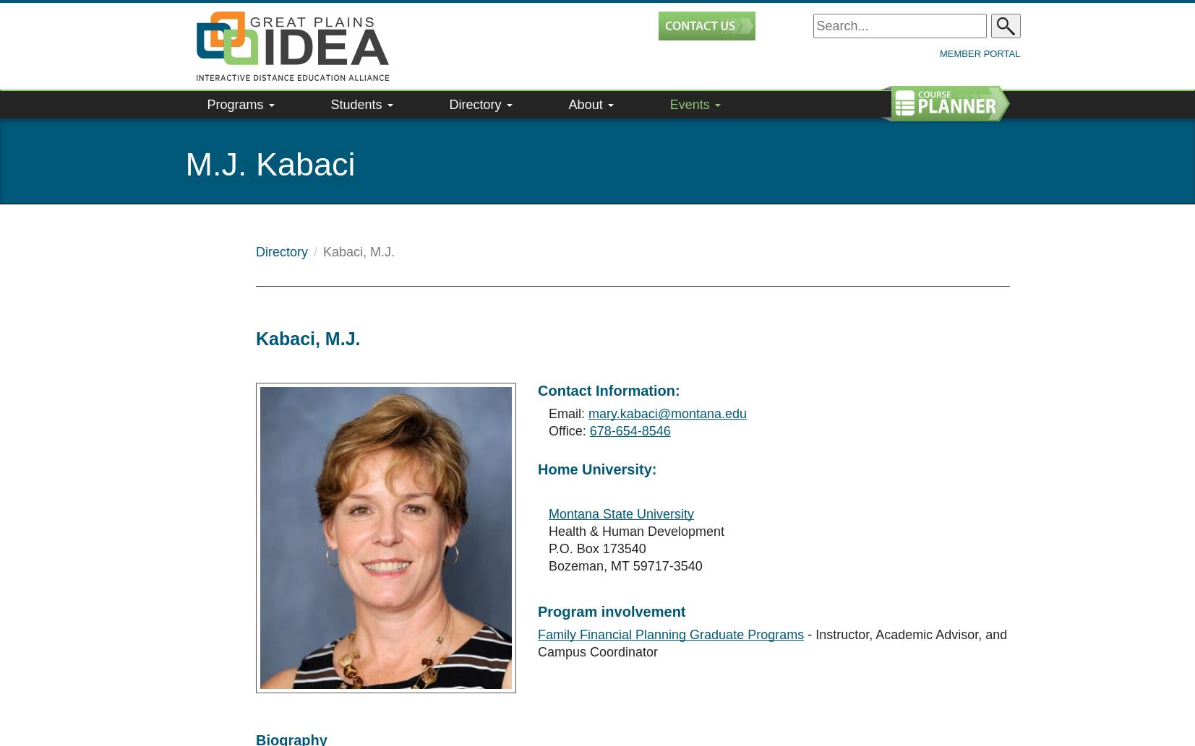  Describe the element at coordinates (567, 396) in the screenshot. I see `'Office:'` at that location.